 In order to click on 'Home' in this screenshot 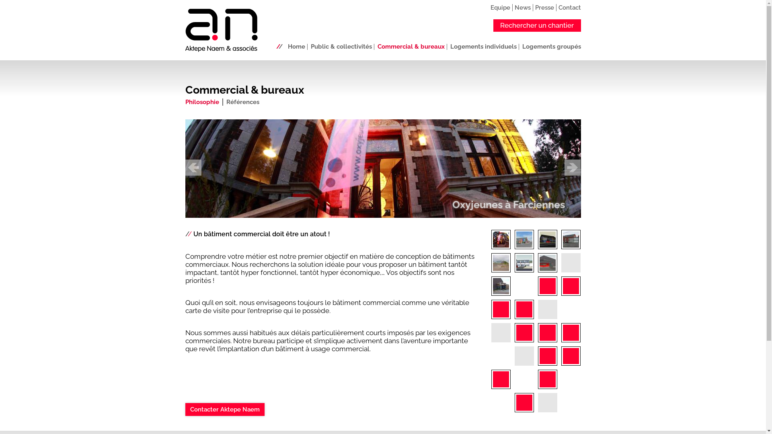, I will do `click(296, 46)`.